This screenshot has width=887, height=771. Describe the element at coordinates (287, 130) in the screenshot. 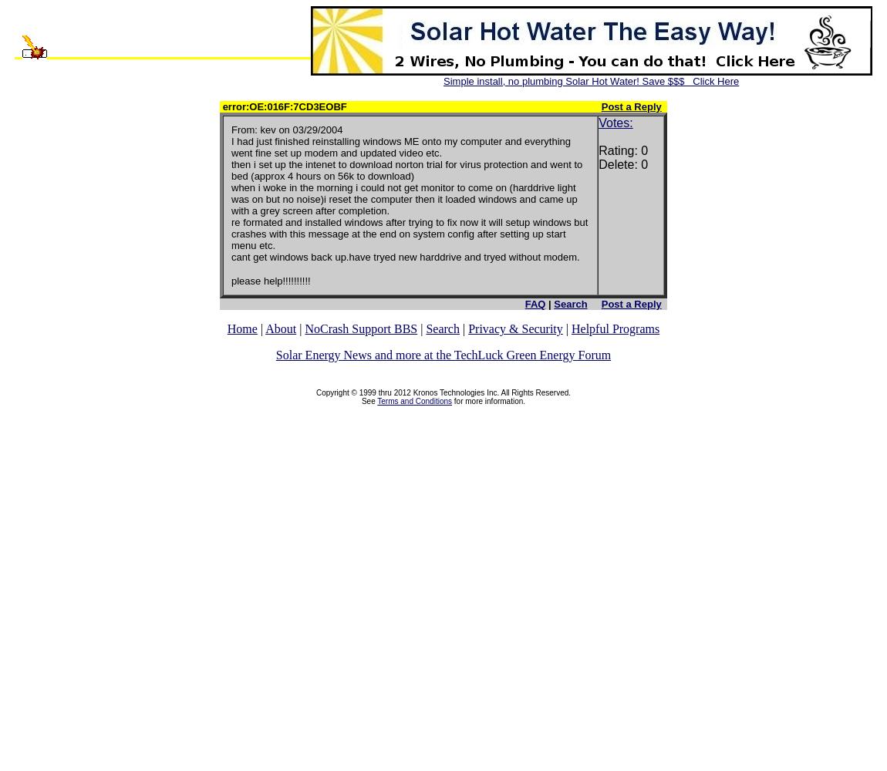

I see `'From: kev on 03/29/2004'` at that location.